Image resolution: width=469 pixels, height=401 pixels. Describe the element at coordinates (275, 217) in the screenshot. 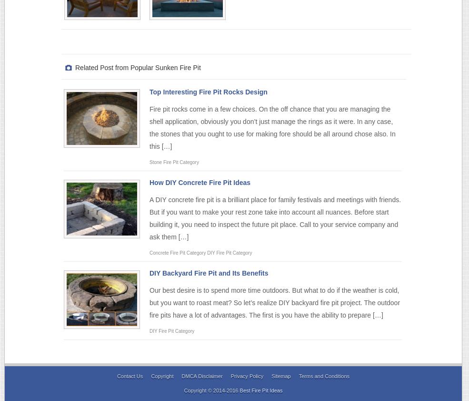

I see `'A DIY concrete fire pit is a brilliant place for family festivals and meetings with friends. But if you want to make your rest zone take into account all nuances. Before start building it, you need to inspect the future pit place. Call to your service company and ask them […]'` at that location.